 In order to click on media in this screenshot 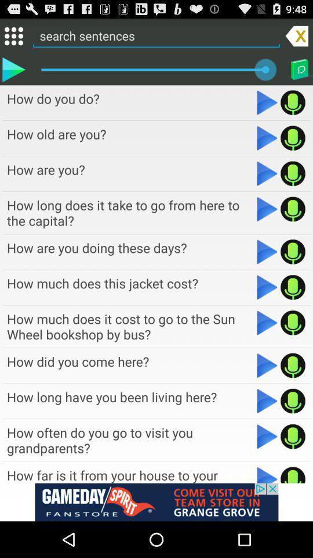, I will do `click(267, 323)`.